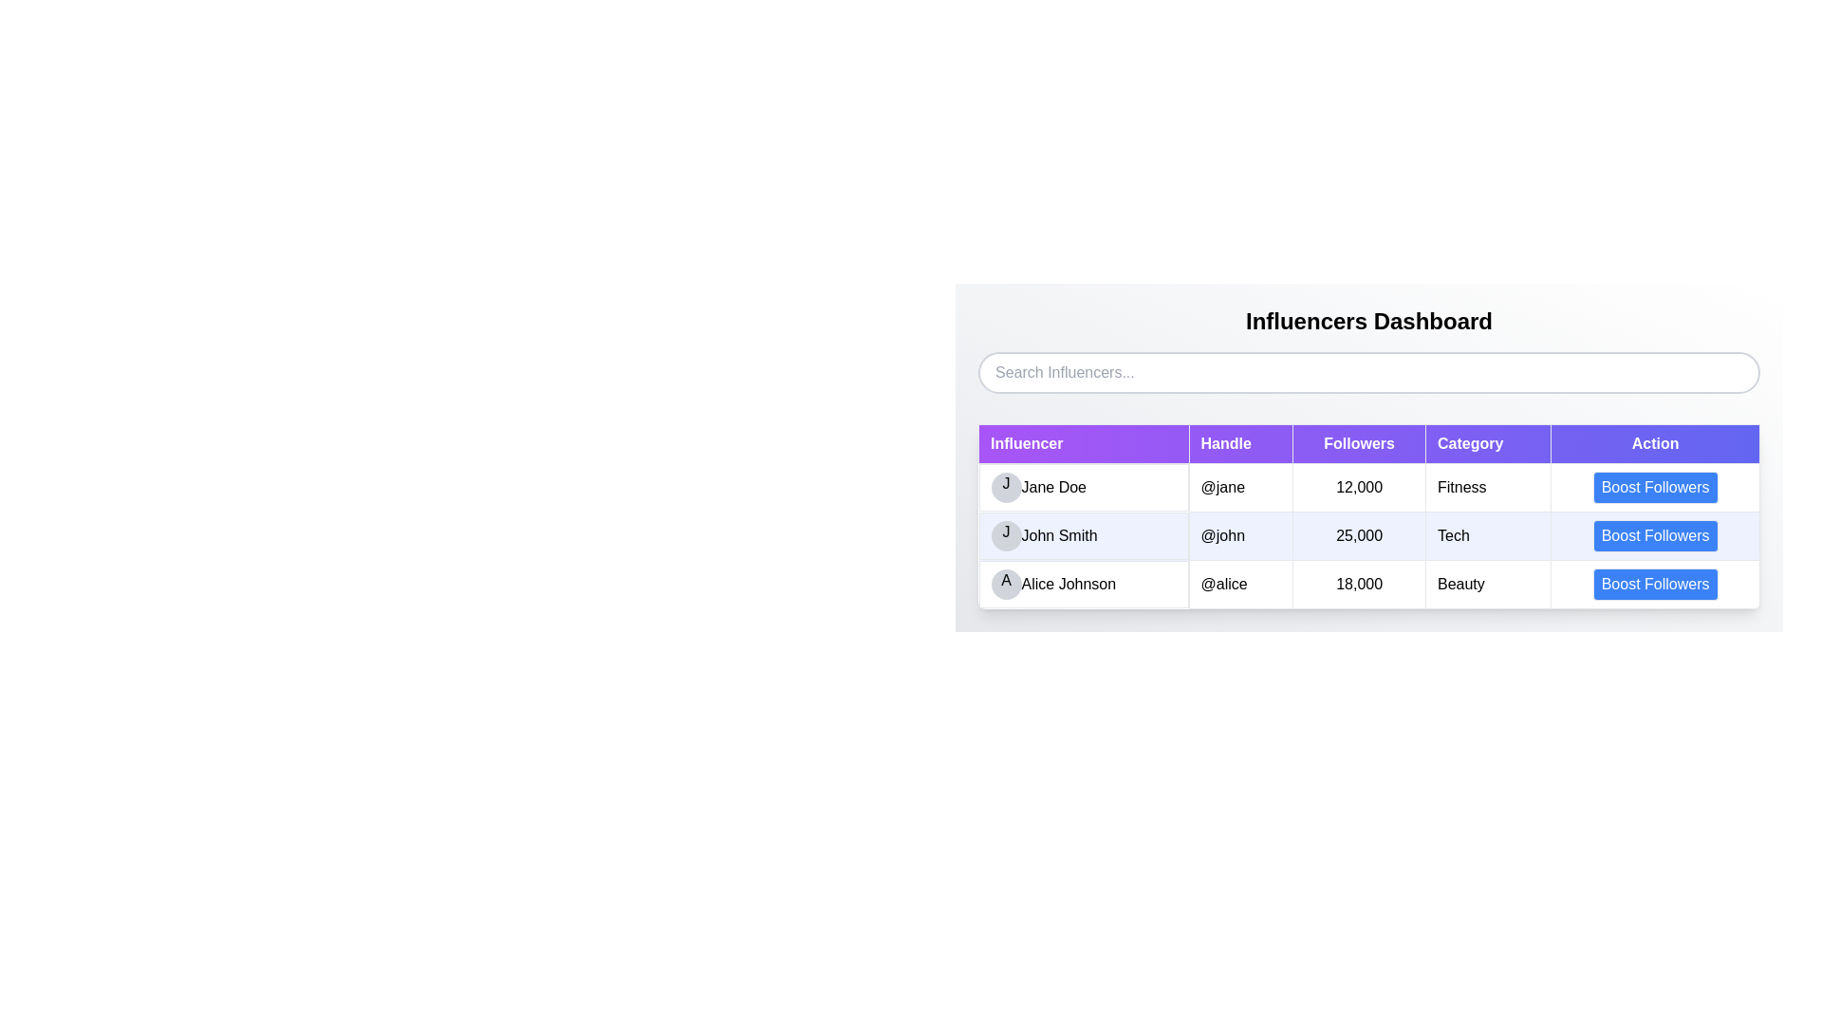 This screenshot has width=1822, height=1025. Describe the element at coordinates (1653, 486) in the screenshot. I see `the 'Boost Followers' button, which has a blue background and is located in the 'Action' column of the influencers table for '@jane'` at that location.